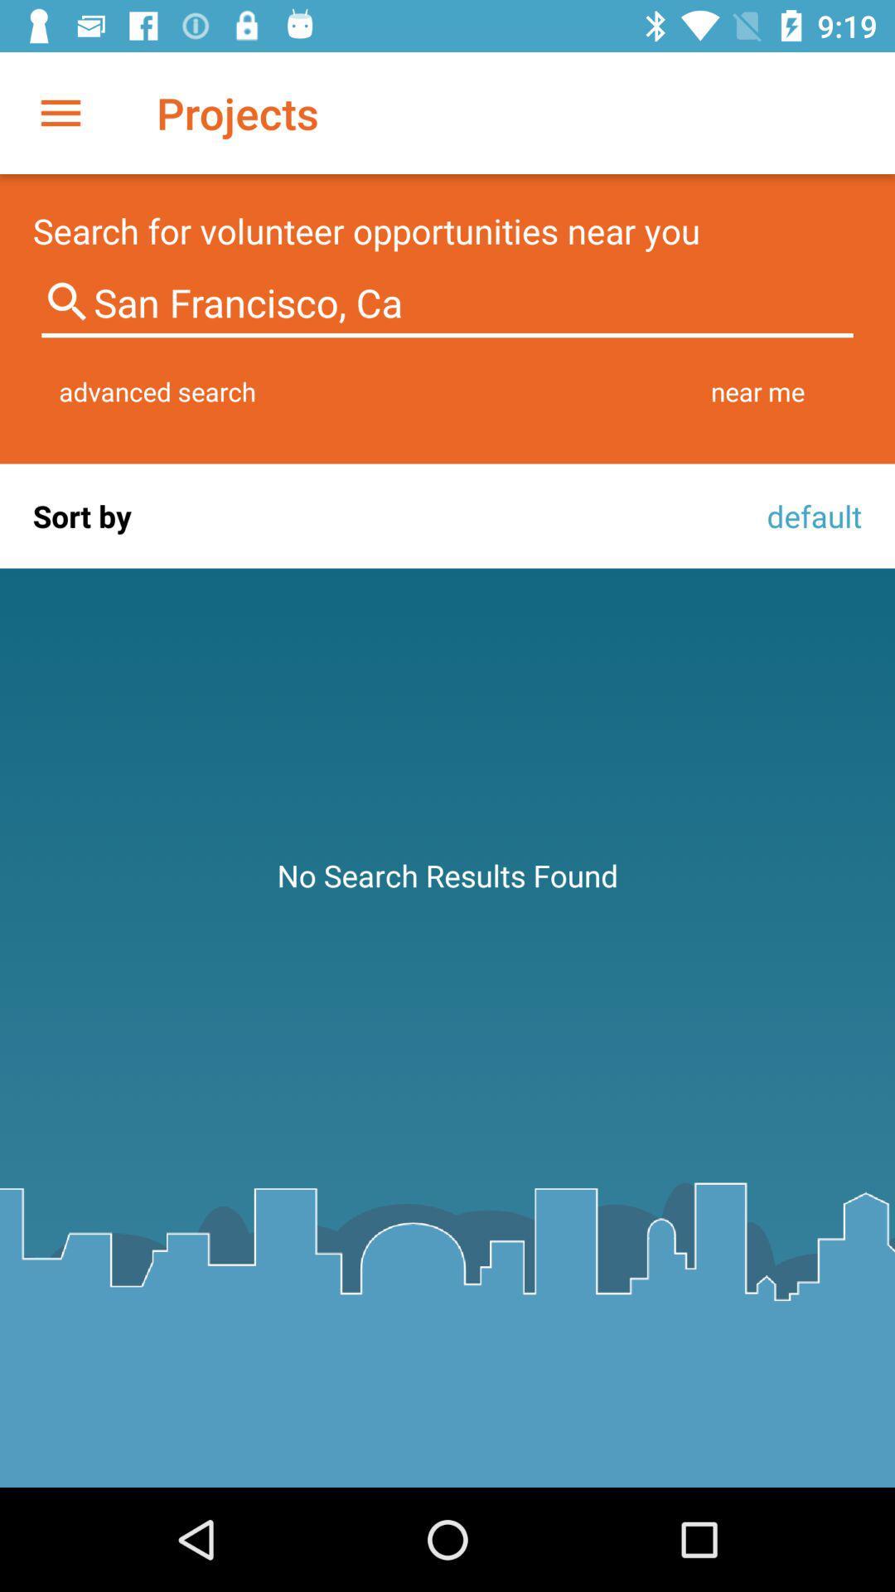  I want to click on item next to the advanced search, so click(757, 391).